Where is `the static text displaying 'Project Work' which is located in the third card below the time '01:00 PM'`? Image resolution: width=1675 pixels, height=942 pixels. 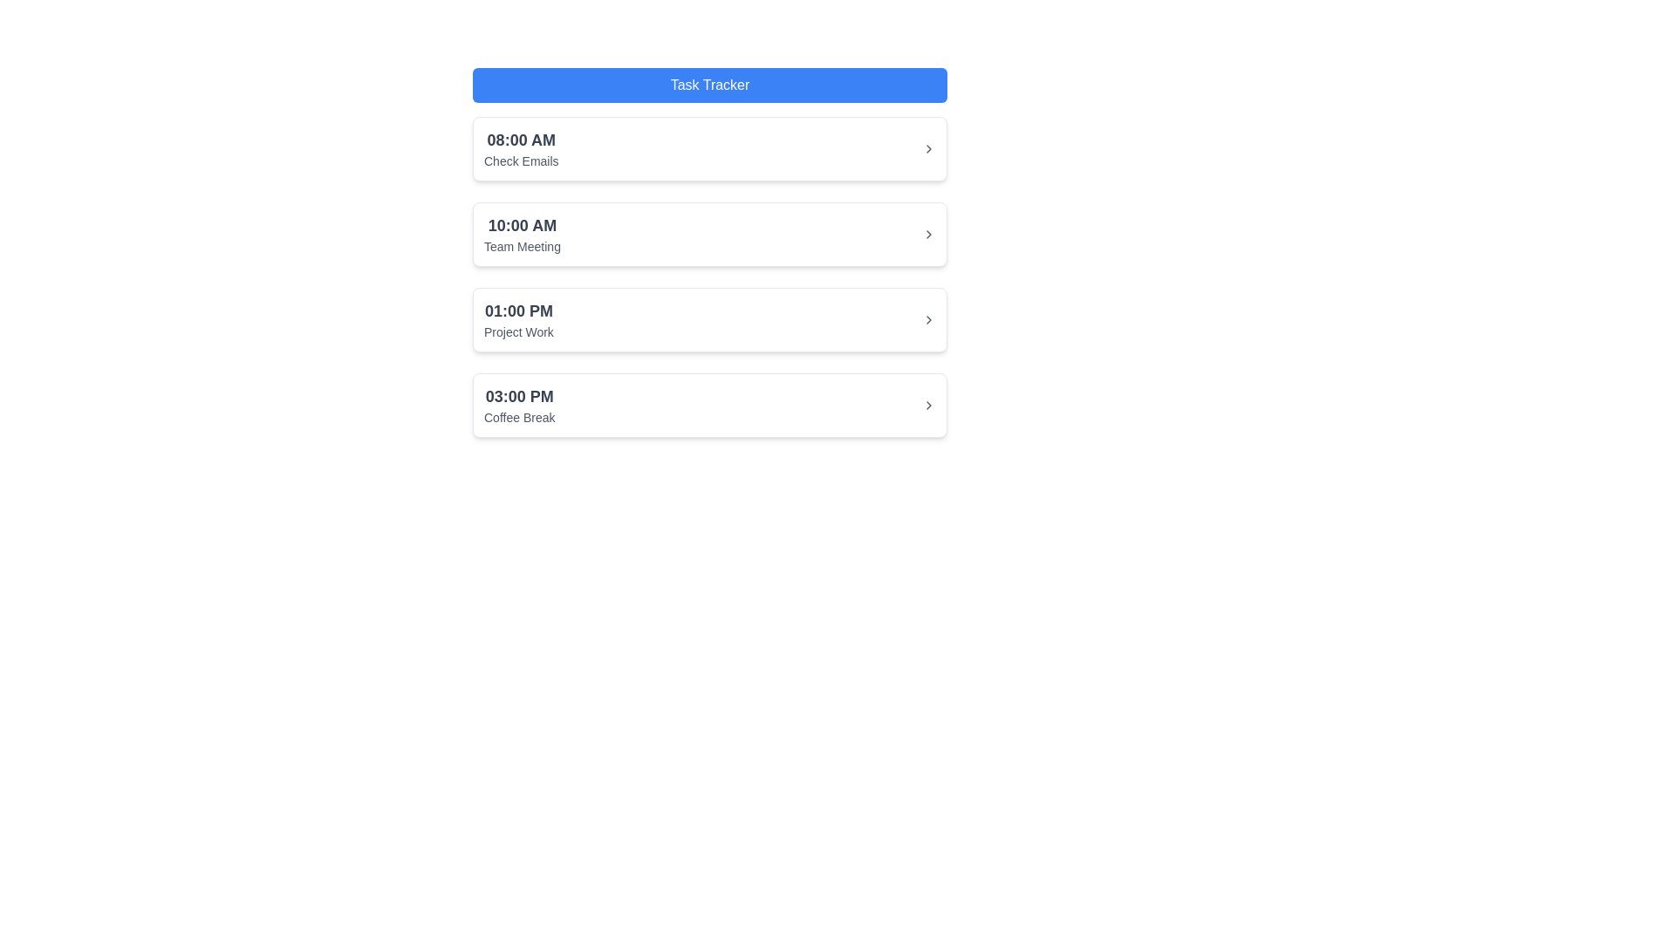
the static text displaying 'Project Work' which is located in the third card below the time '01:00 PM' is located at coordinates (518, 332).